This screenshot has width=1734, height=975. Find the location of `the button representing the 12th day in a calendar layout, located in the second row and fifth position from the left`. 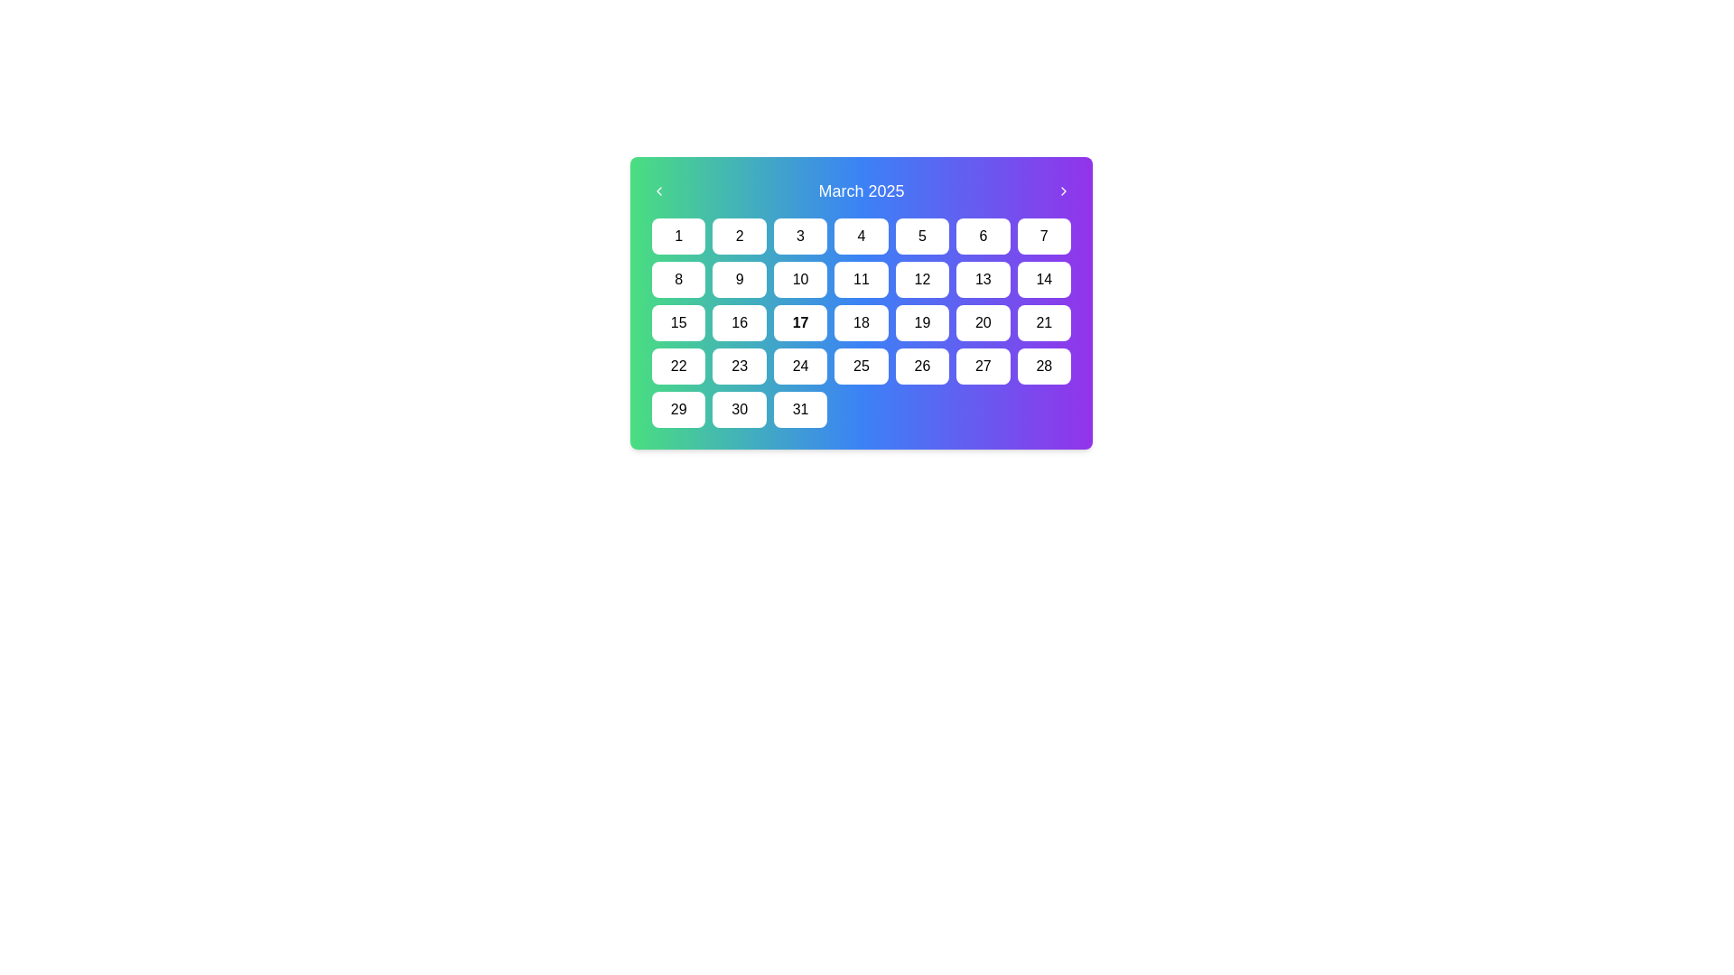

the button representing the 12th day in a calendar layout, located in the second row and fifth position from the left is located at coordinates (922, 279).